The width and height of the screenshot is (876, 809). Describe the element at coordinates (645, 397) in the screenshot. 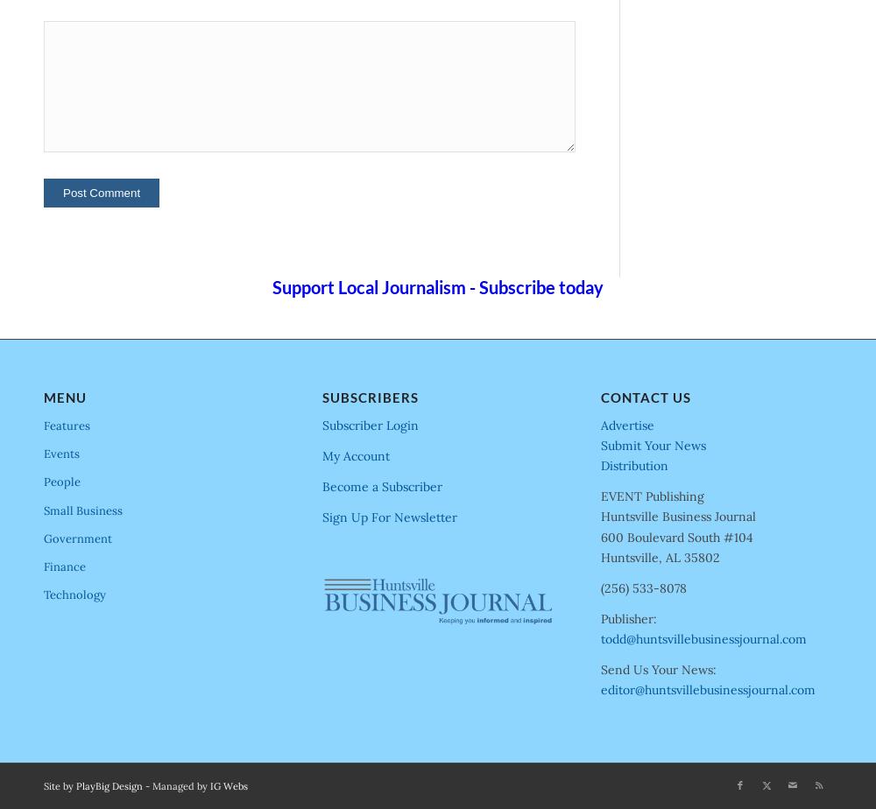

I see `'Contact Us'` at that location.